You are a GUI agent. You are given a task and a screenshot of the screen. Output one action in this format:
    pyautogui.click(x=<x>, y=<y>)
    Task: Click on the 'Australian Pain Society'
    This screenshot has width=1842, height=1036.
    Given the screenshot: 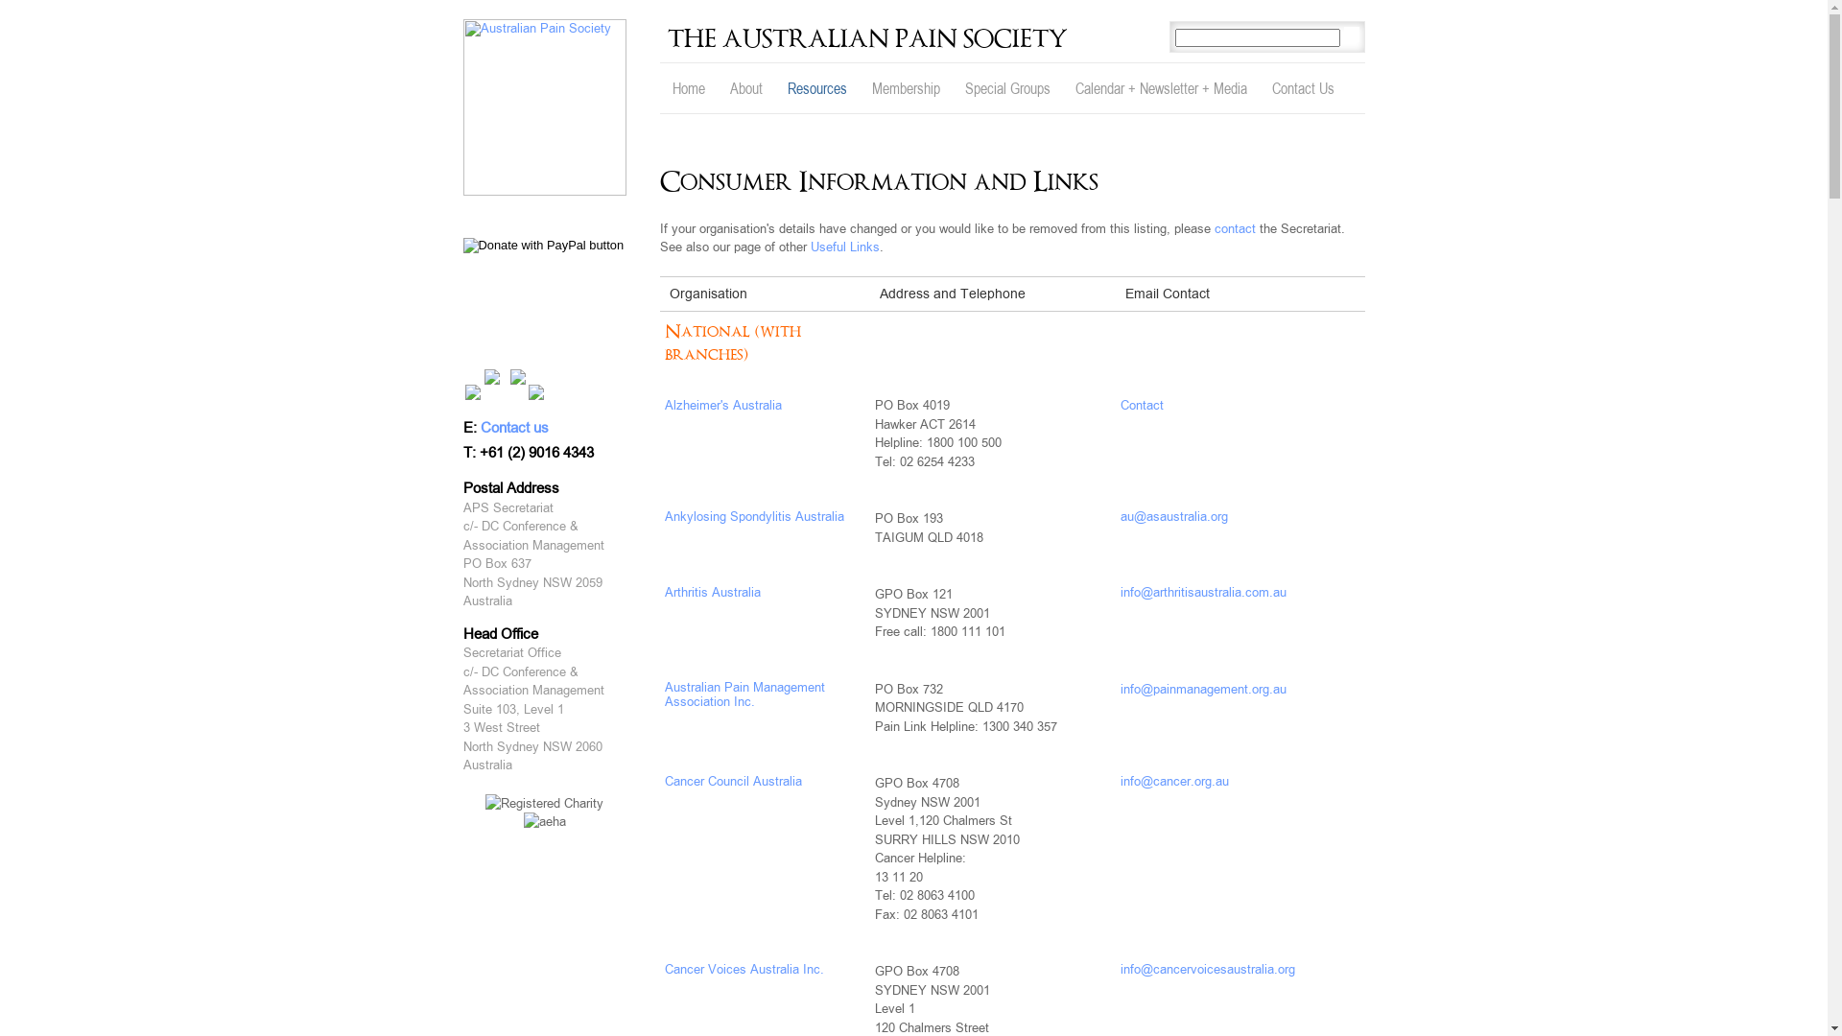 What is the action you would take?
    pyautogui.click(x=542, y=106)
    